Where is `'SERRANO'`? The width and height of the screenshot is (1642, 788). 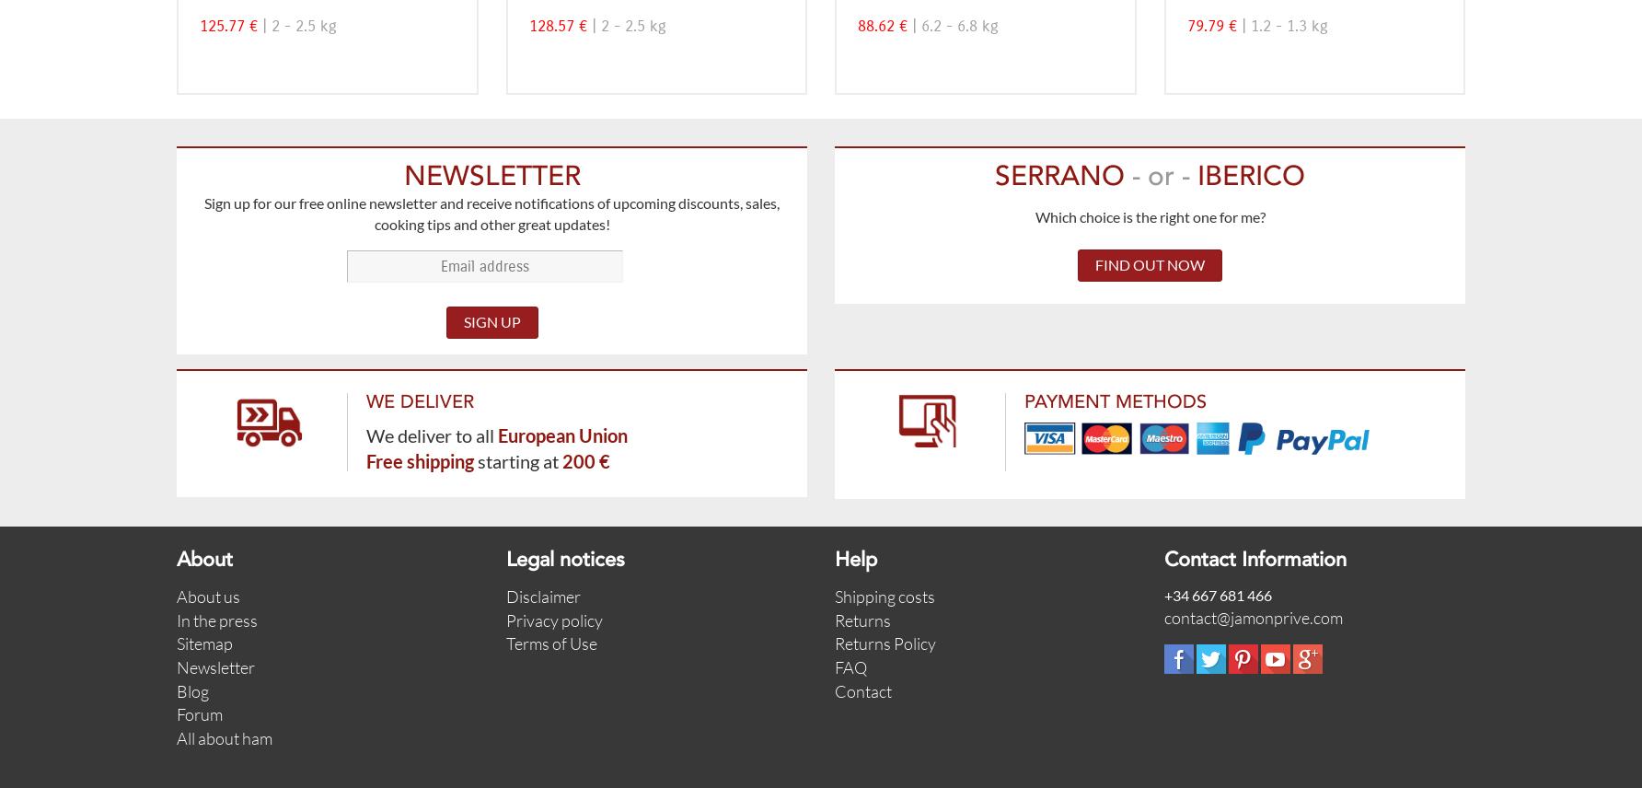 'SERRANO' is located at coordinates (1063, 176).